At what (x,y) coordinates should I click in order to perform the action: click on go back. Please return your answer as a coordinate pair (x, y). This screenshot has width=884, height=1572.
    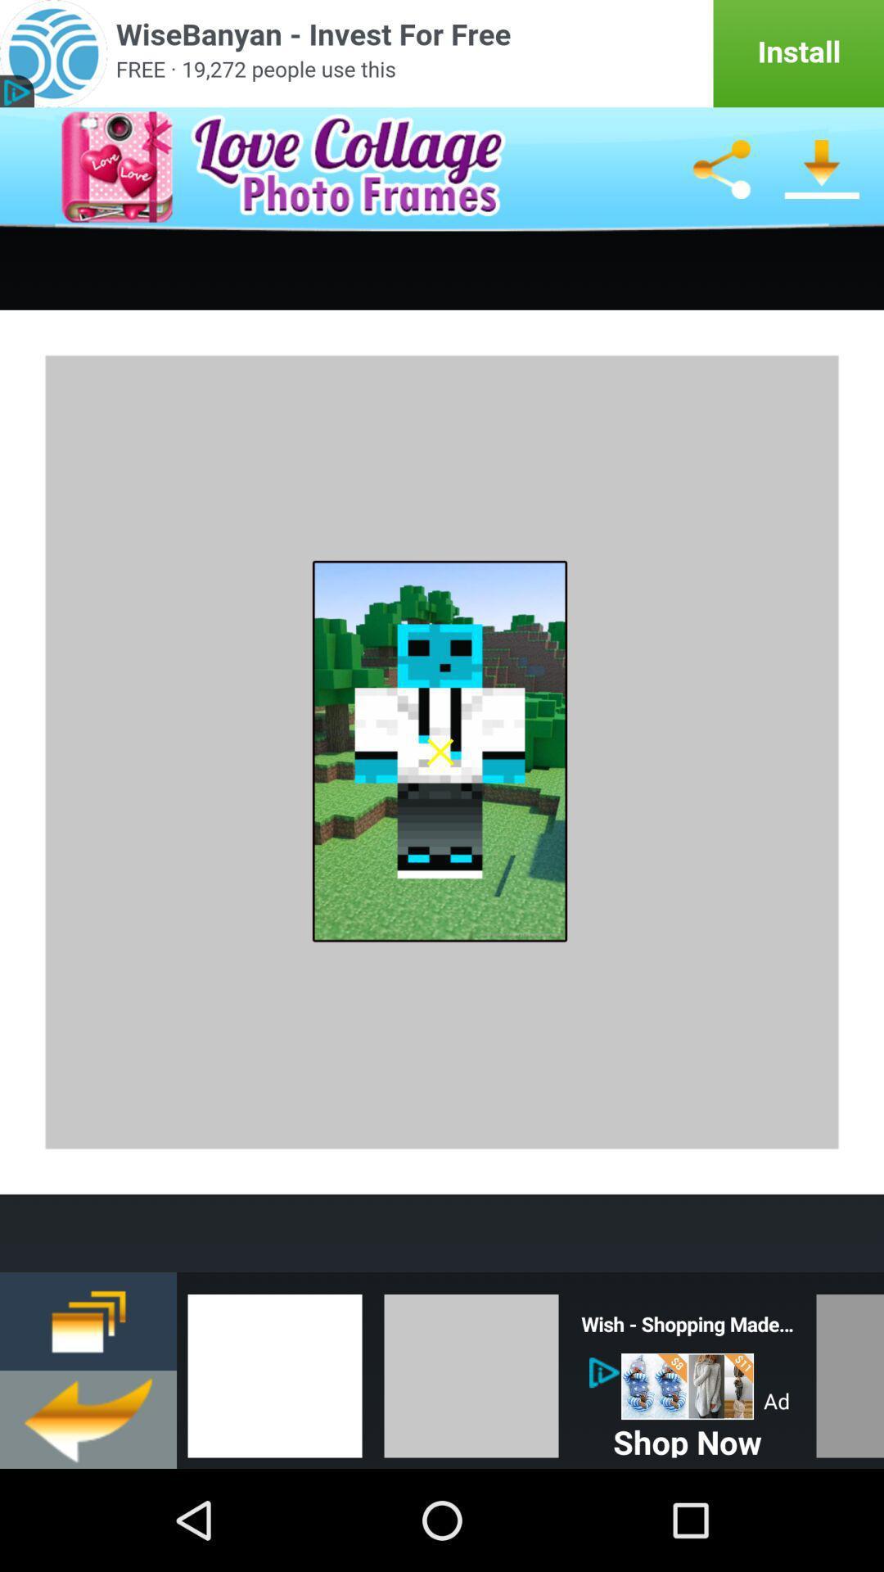
    Looking at the image, I should click on (88, 1418).